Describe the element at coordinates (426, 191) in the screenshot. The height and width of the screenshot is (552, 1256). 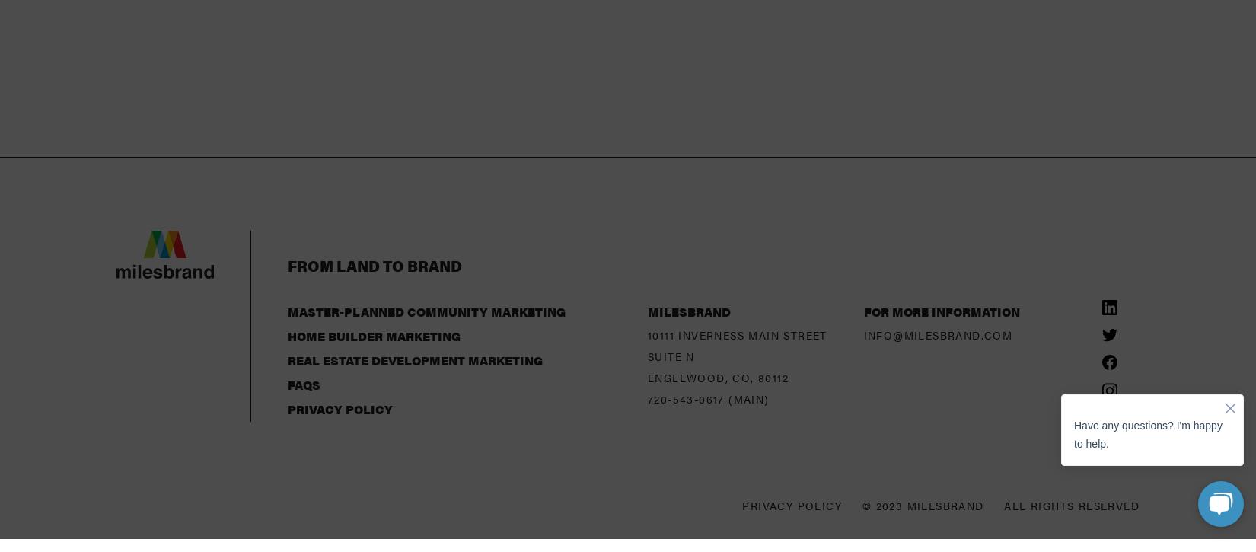
I see `'Master-Planned Community Marketing'` at that location.